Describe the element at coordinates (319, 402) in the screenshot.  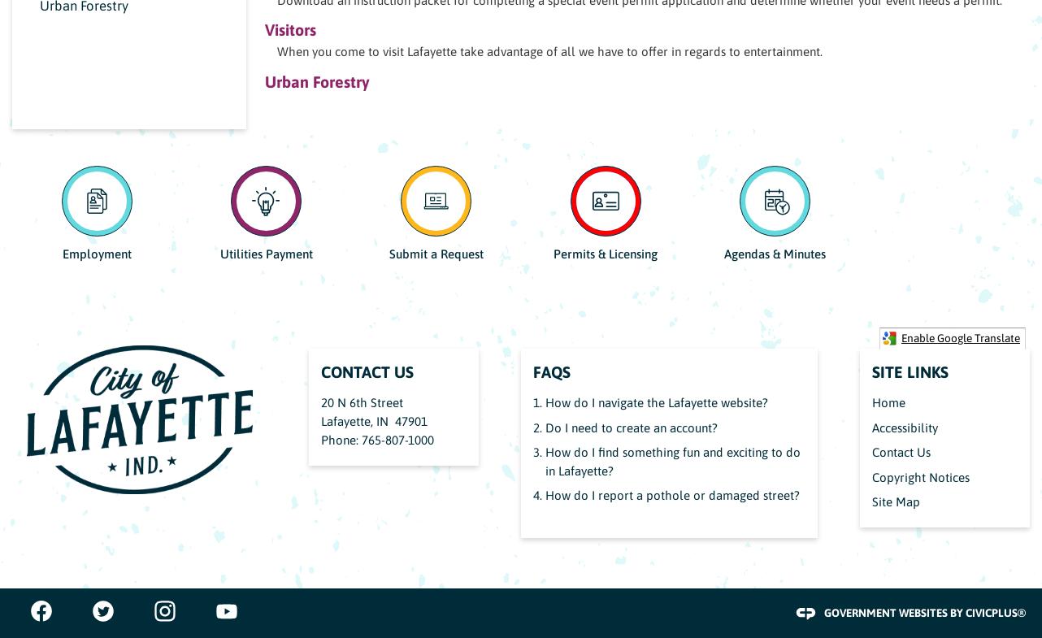
I see `'20 N 6th Street'` at that location.